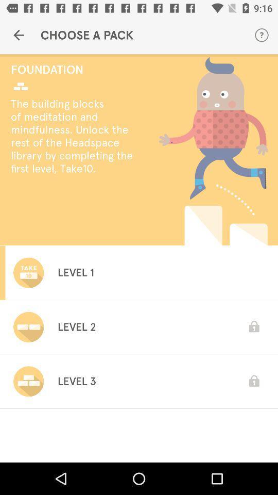  Describe the element at coordinates (19, 35) in the screenshot. I see `icon next to the choose a pack item` at that location.